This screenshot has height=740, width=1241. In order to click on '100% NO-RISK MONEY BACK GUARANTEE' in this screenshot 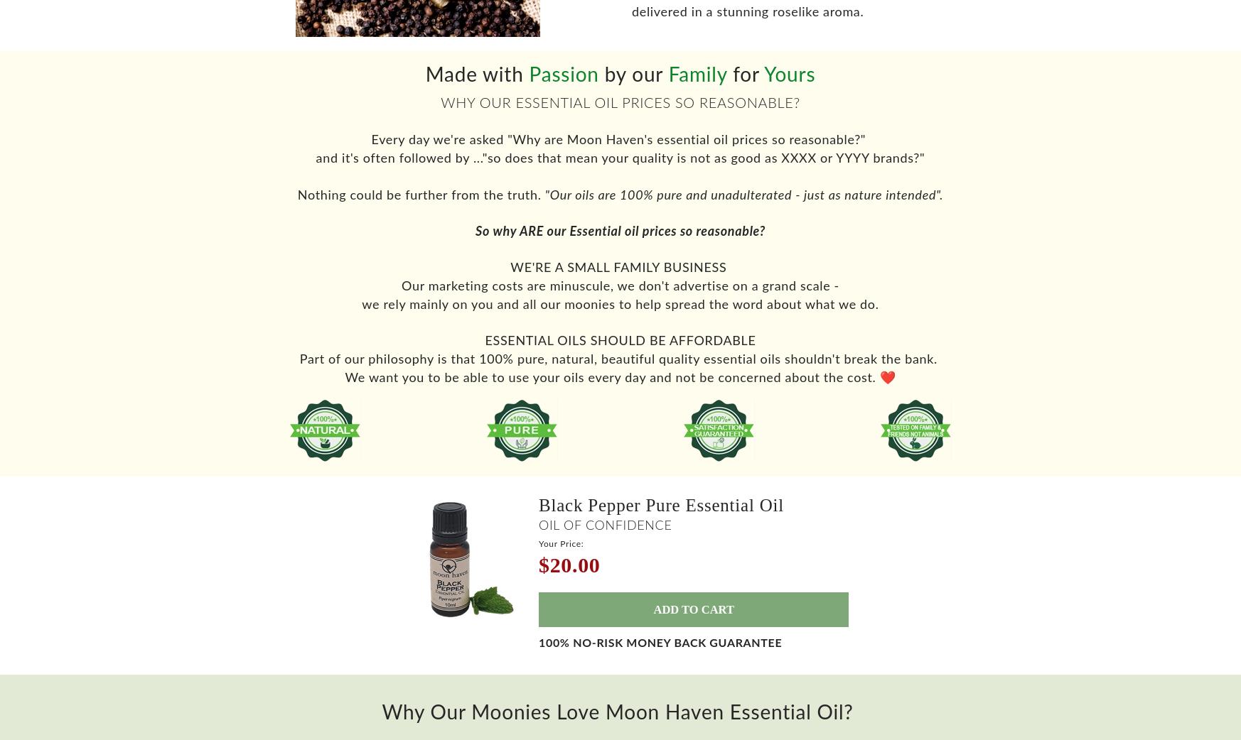, I will do `click(660, 653)`.